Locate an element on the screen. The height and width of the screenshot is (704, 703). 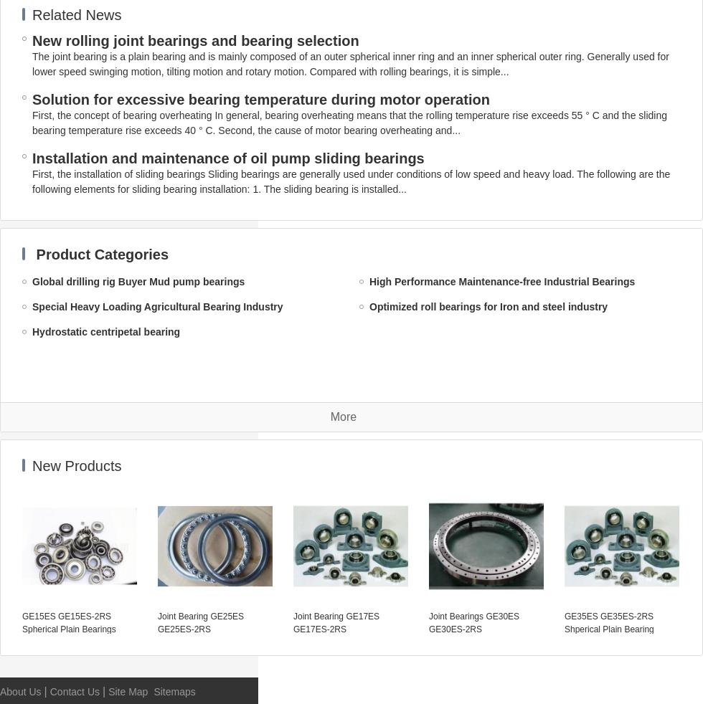
'The joint bearing  is a plain bearing and is mainly composed of an outer spherical inner ring and an inner spherical outer ring. Generally used for lower speed swinging motion, tilting motion and rotary motion. Compared with rolling bearings, it is simple...' is located at coordinates (32, 63).